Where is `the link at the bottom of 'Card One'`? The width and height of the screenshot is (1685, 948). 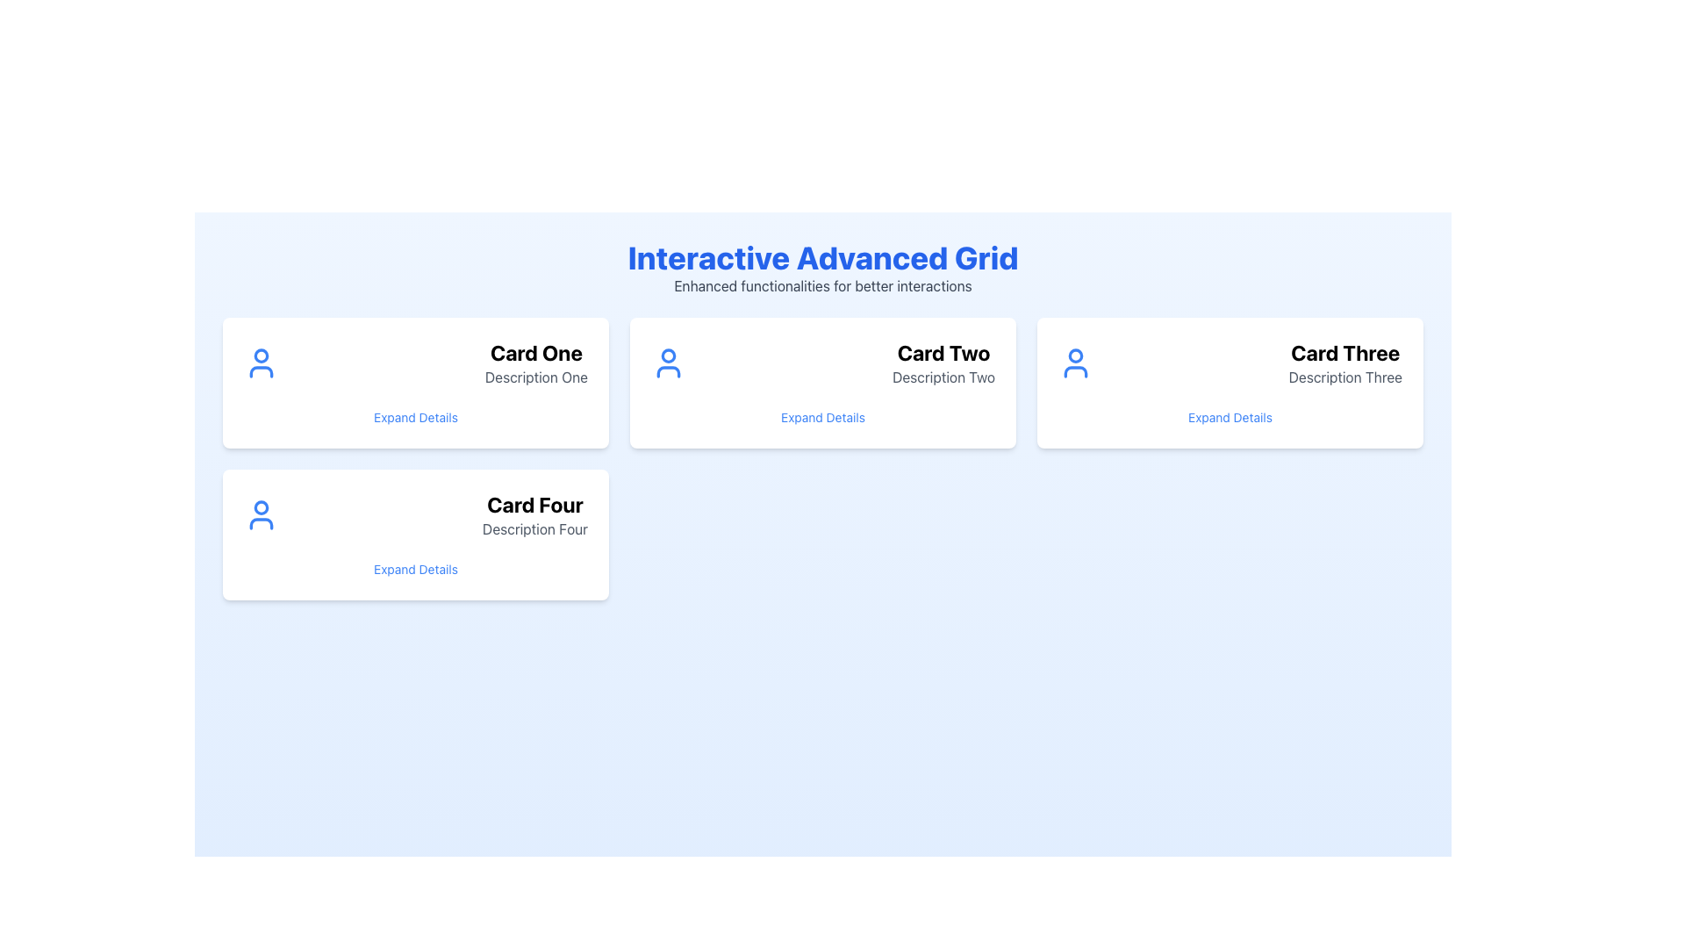
the link at the bottom of 'Card One' is located at coordinates (415, 417).